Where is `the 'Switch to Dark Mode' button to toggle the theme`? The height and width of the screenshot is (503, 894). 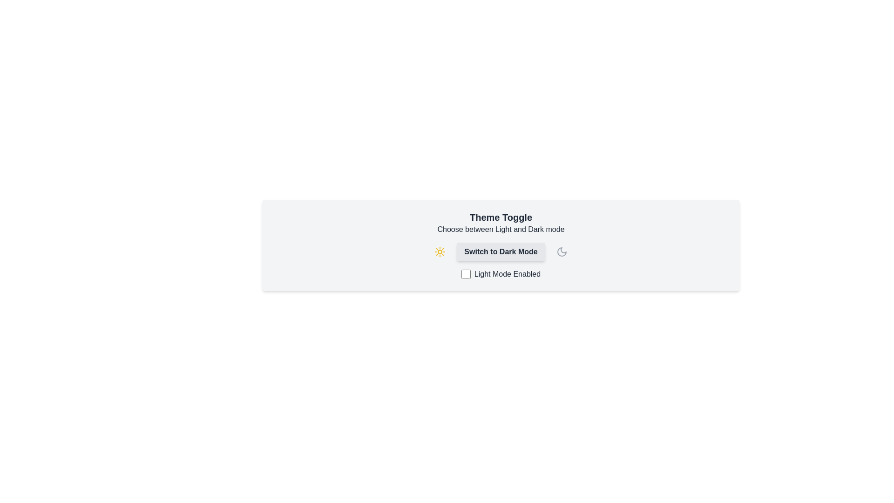
the 'Switch to Dark Mode' button to toggle the theme is located at coordinates (500, 251).